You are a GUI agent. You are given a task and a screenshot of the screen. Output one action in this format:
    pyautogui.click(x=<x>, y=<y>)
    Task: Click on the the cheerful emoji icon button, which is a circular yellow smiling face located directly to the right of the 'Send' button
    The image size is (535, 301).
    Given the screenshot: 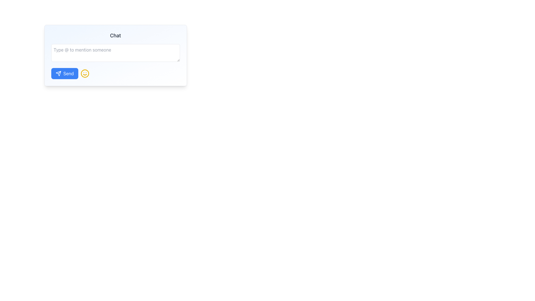 What is the action you would take?
    pyautogui.click(x=84, y=73)
    